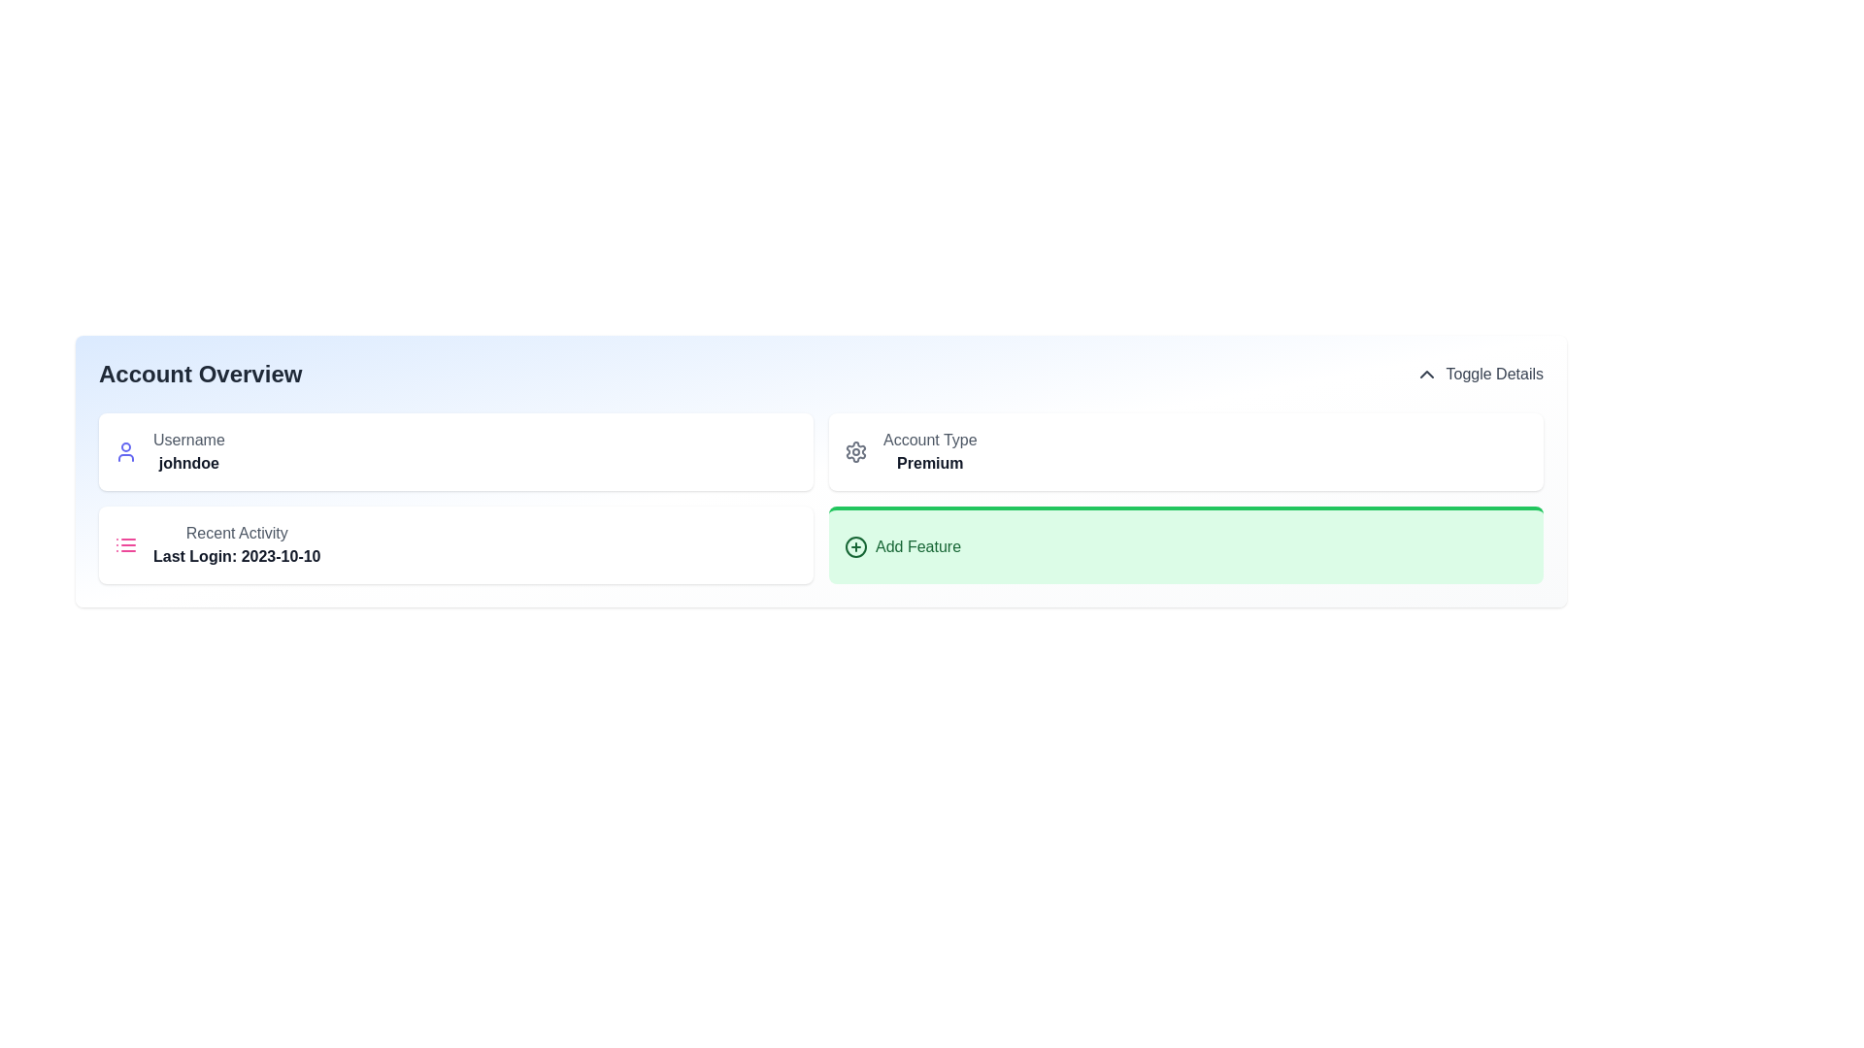 The image size is (1864, 1048). What do you see at coordinates (1426, 374) in the screenshot?
I see `the chevron icon located to the right of the 'Toggle Details' text in the upper-right section of the user interface` at bounding box center [1426, 374].